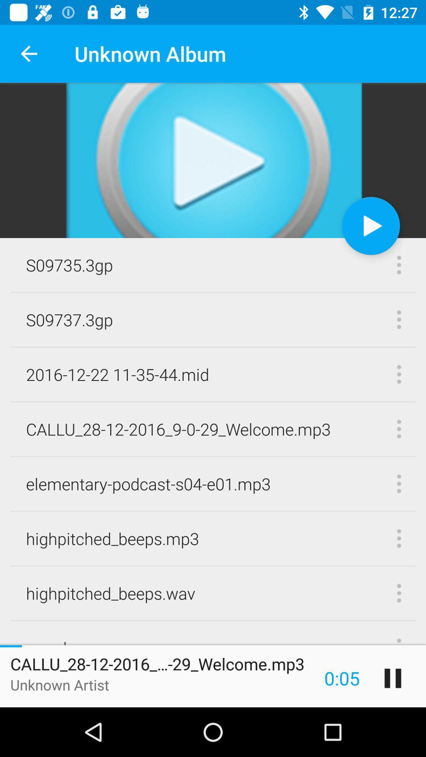 This screenshot has width=426, height=757. I want to click on the play icon, so click(371, 225).